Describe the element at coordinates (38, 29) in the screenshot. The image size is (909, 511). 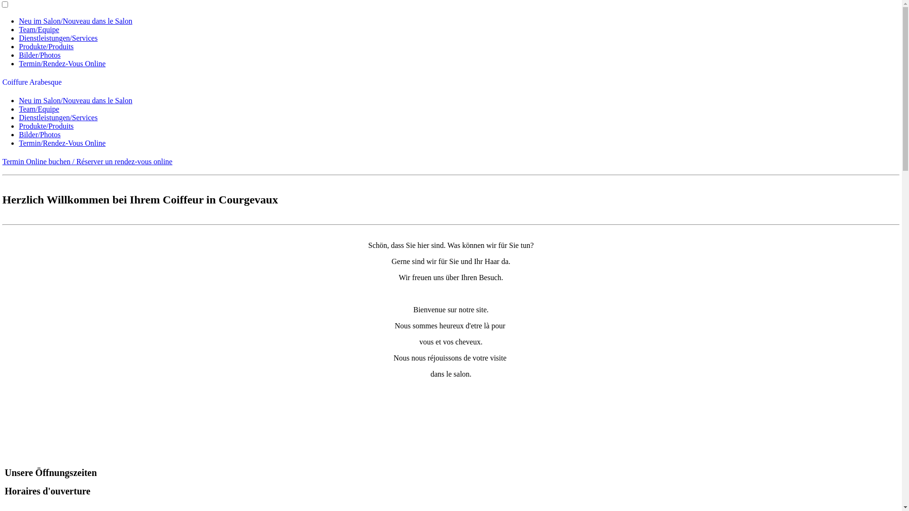
I see `'Team/Equipe'` at that location.